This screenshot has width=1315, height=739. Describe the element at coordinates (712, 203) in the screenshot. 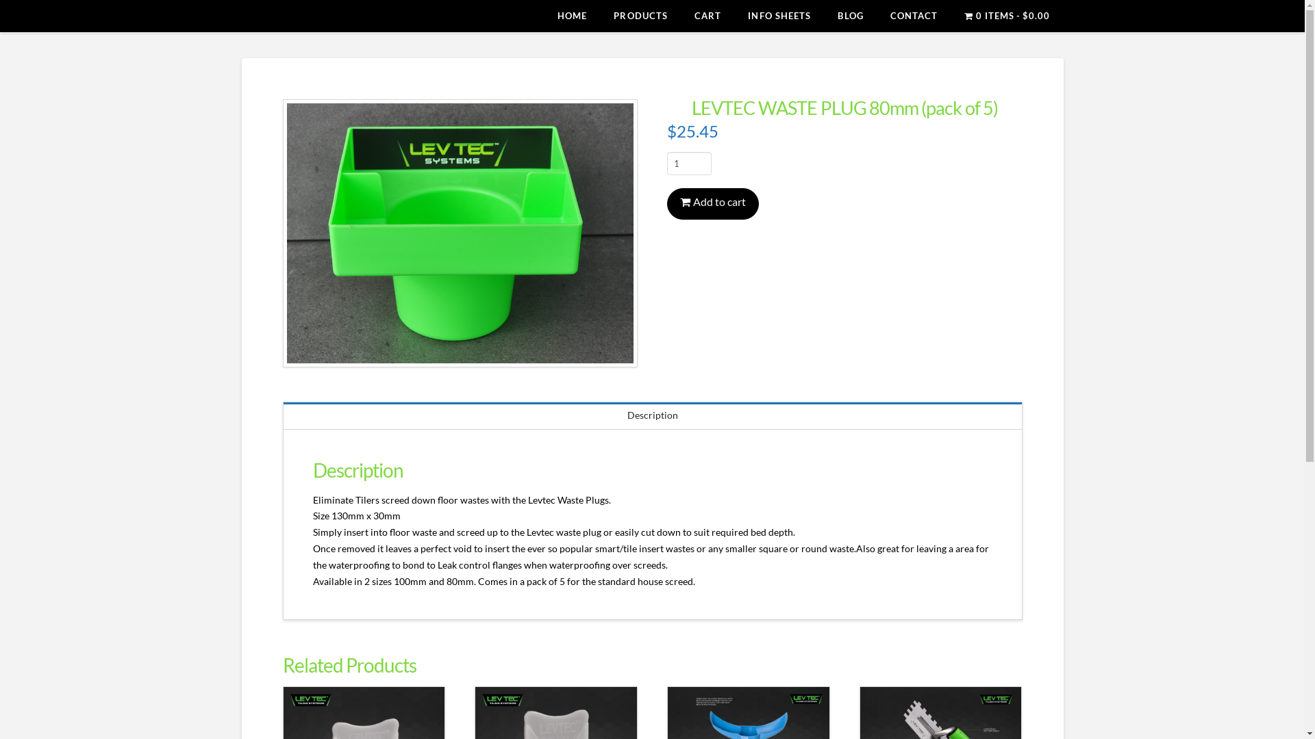

I see `'Add to cart'` at that location.